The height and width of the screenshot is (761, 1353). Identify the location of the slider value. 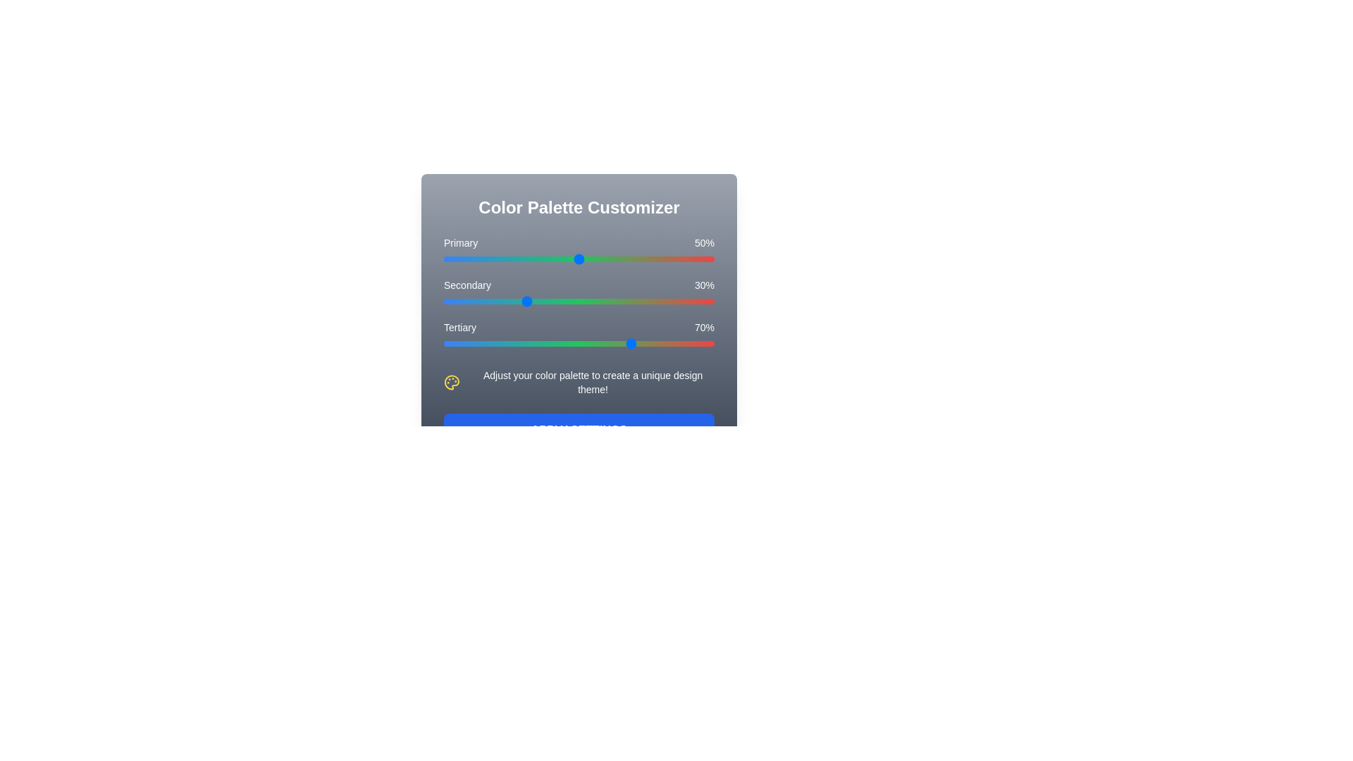
(565, 301).